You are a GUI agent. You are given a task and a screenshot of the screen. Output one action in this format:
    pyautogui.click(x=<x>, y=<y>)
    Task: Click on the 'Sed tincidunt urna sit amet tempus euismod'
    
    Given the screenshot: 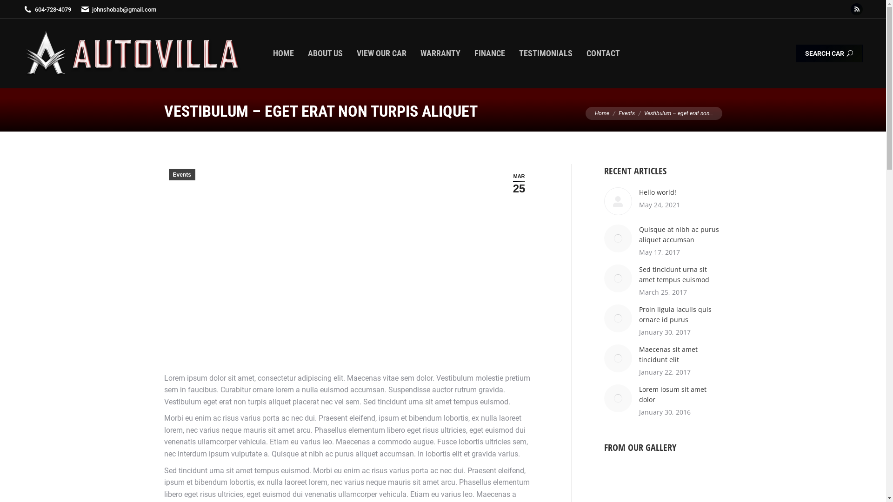 What is the action you would take?
    pyautogui.click(x=680, y=274)
    